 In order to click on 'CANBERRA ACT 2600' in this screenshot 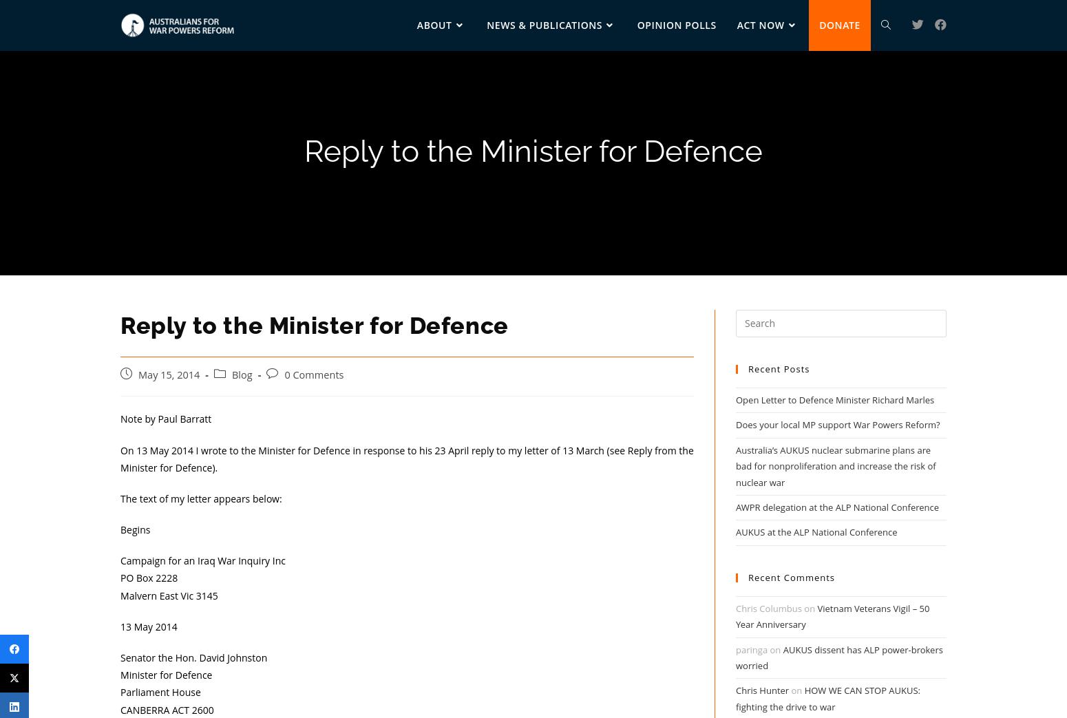, I will do `click(167, 709)`.